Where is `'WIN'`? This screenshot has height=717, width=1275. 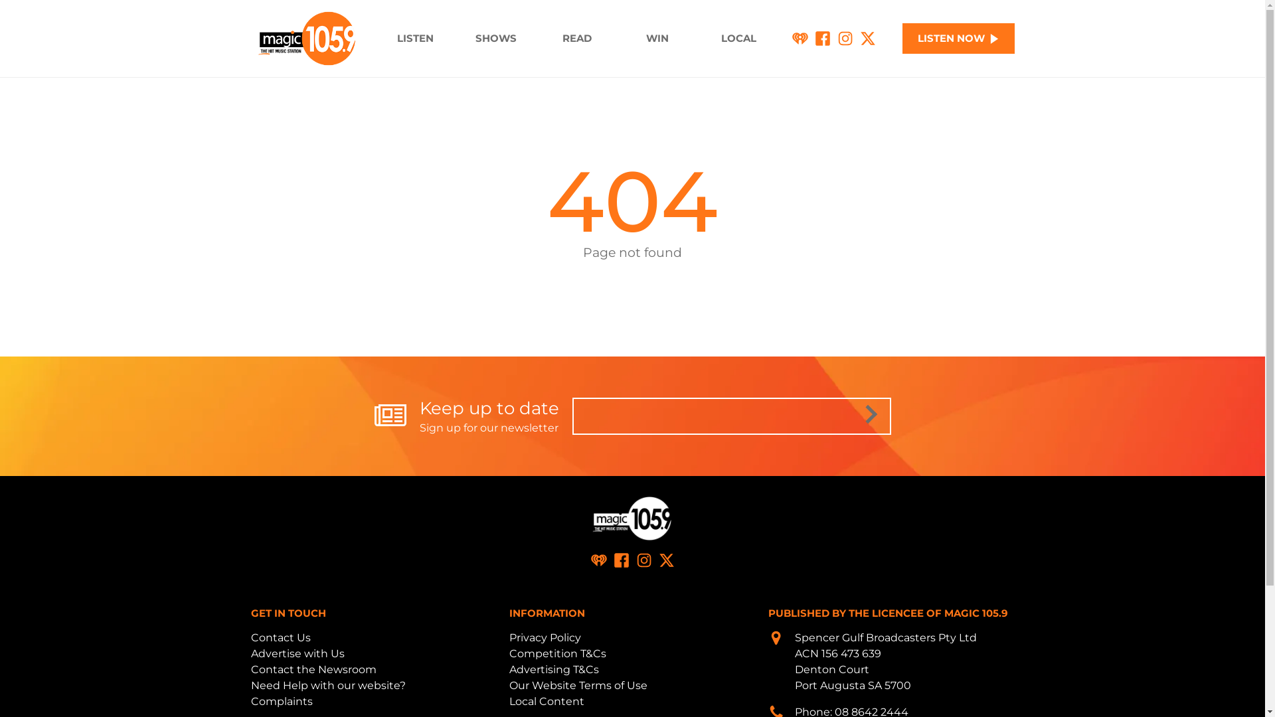
'WIN' is located at coordinates (657, 37).